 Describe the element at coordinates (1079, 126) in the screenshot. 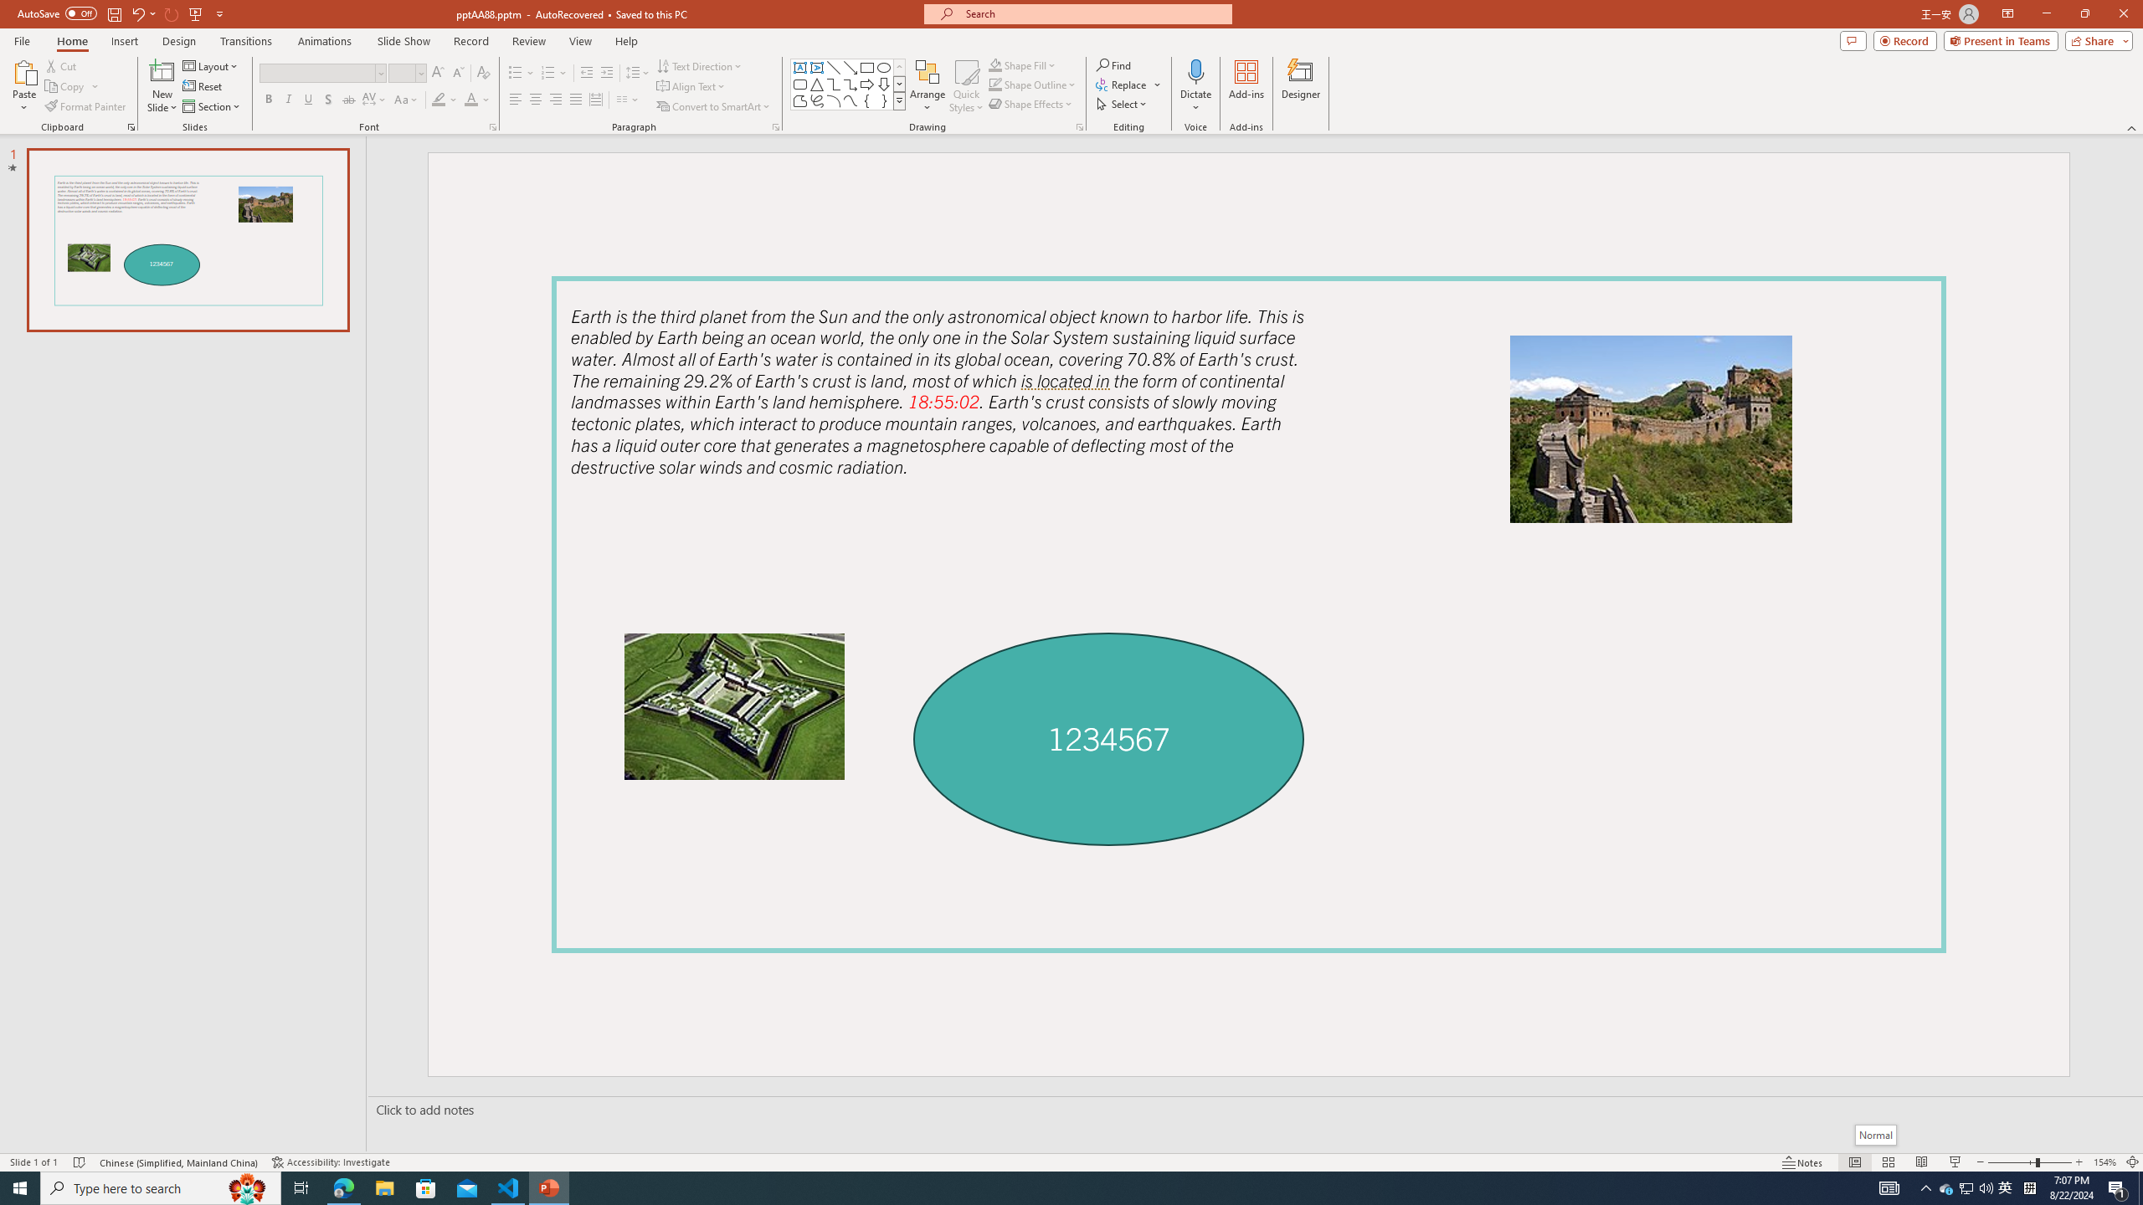

I see `'Format Object...'` at that location.